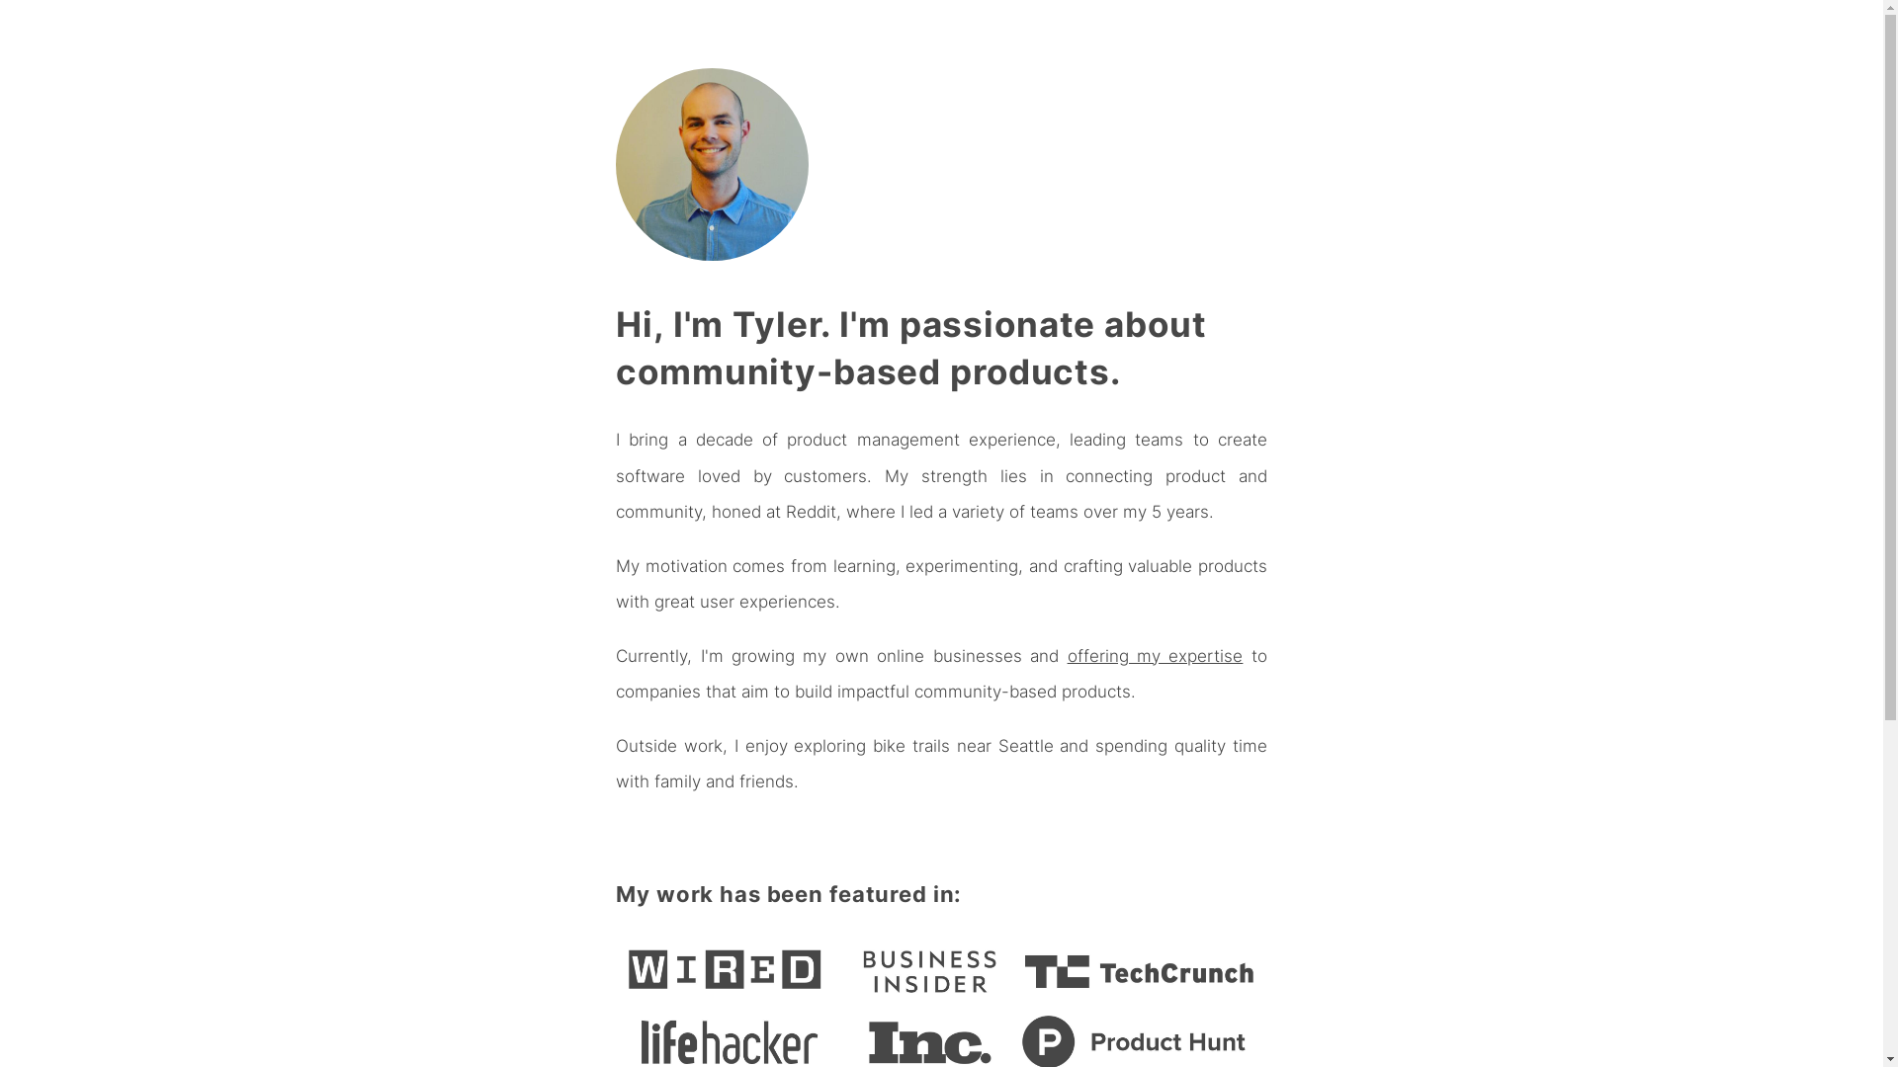 The width and height of the screenshot is (1898, 1067). Describe the element at coordinates (1067, 655) in the screenshot. I see `'offering my expertise'` at that location.